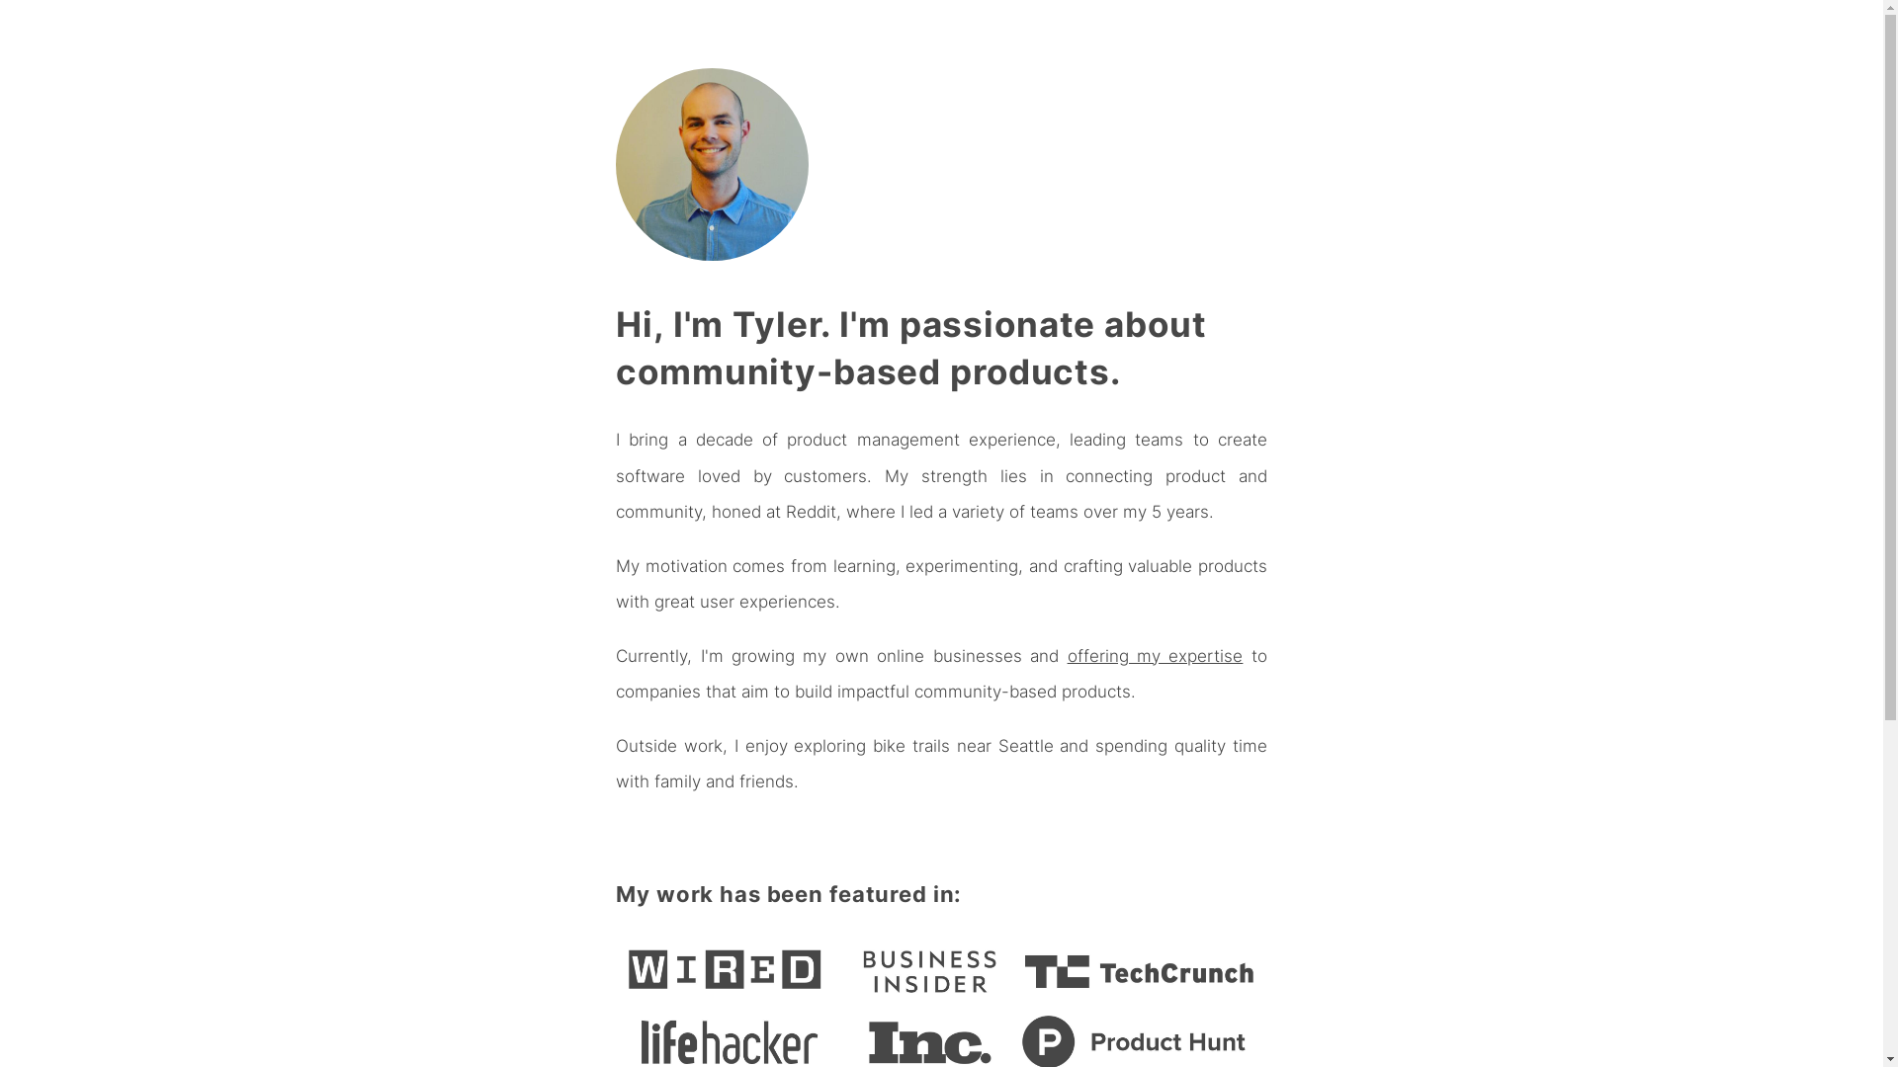 The width and height of the screenshot is (1898, 1067). Describe the element at coordinates (1067, 655) in the screenshot. I see `'offering my expertise'` at that location.